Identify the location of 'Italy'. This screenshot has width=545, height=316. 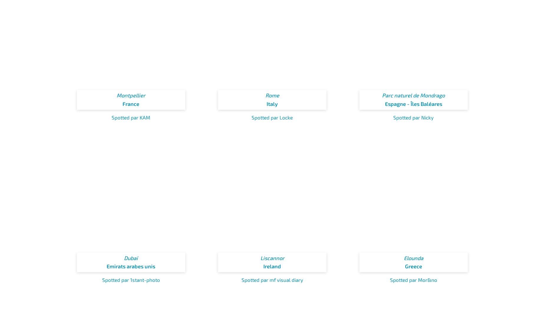
(267, 103).